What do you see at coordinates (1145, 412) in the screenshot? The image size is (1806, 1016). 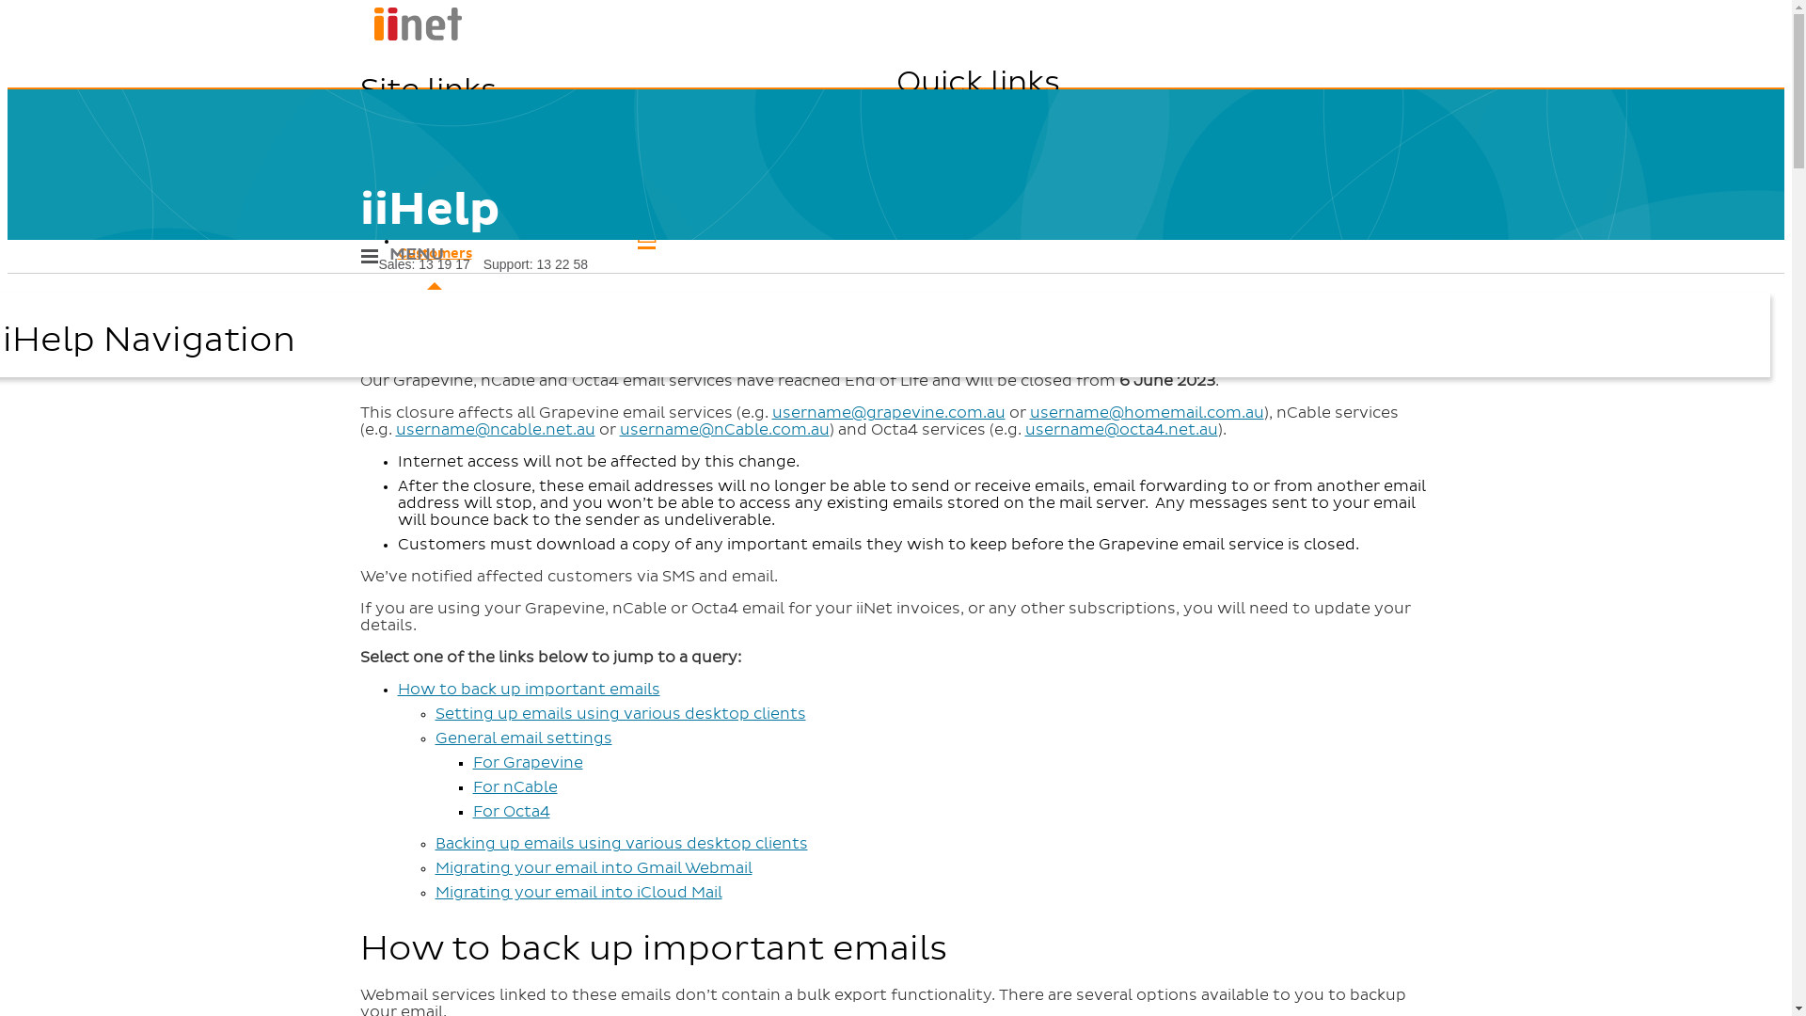 I see `'username@homemail.com.au'` at bounding box center [1145, 412].